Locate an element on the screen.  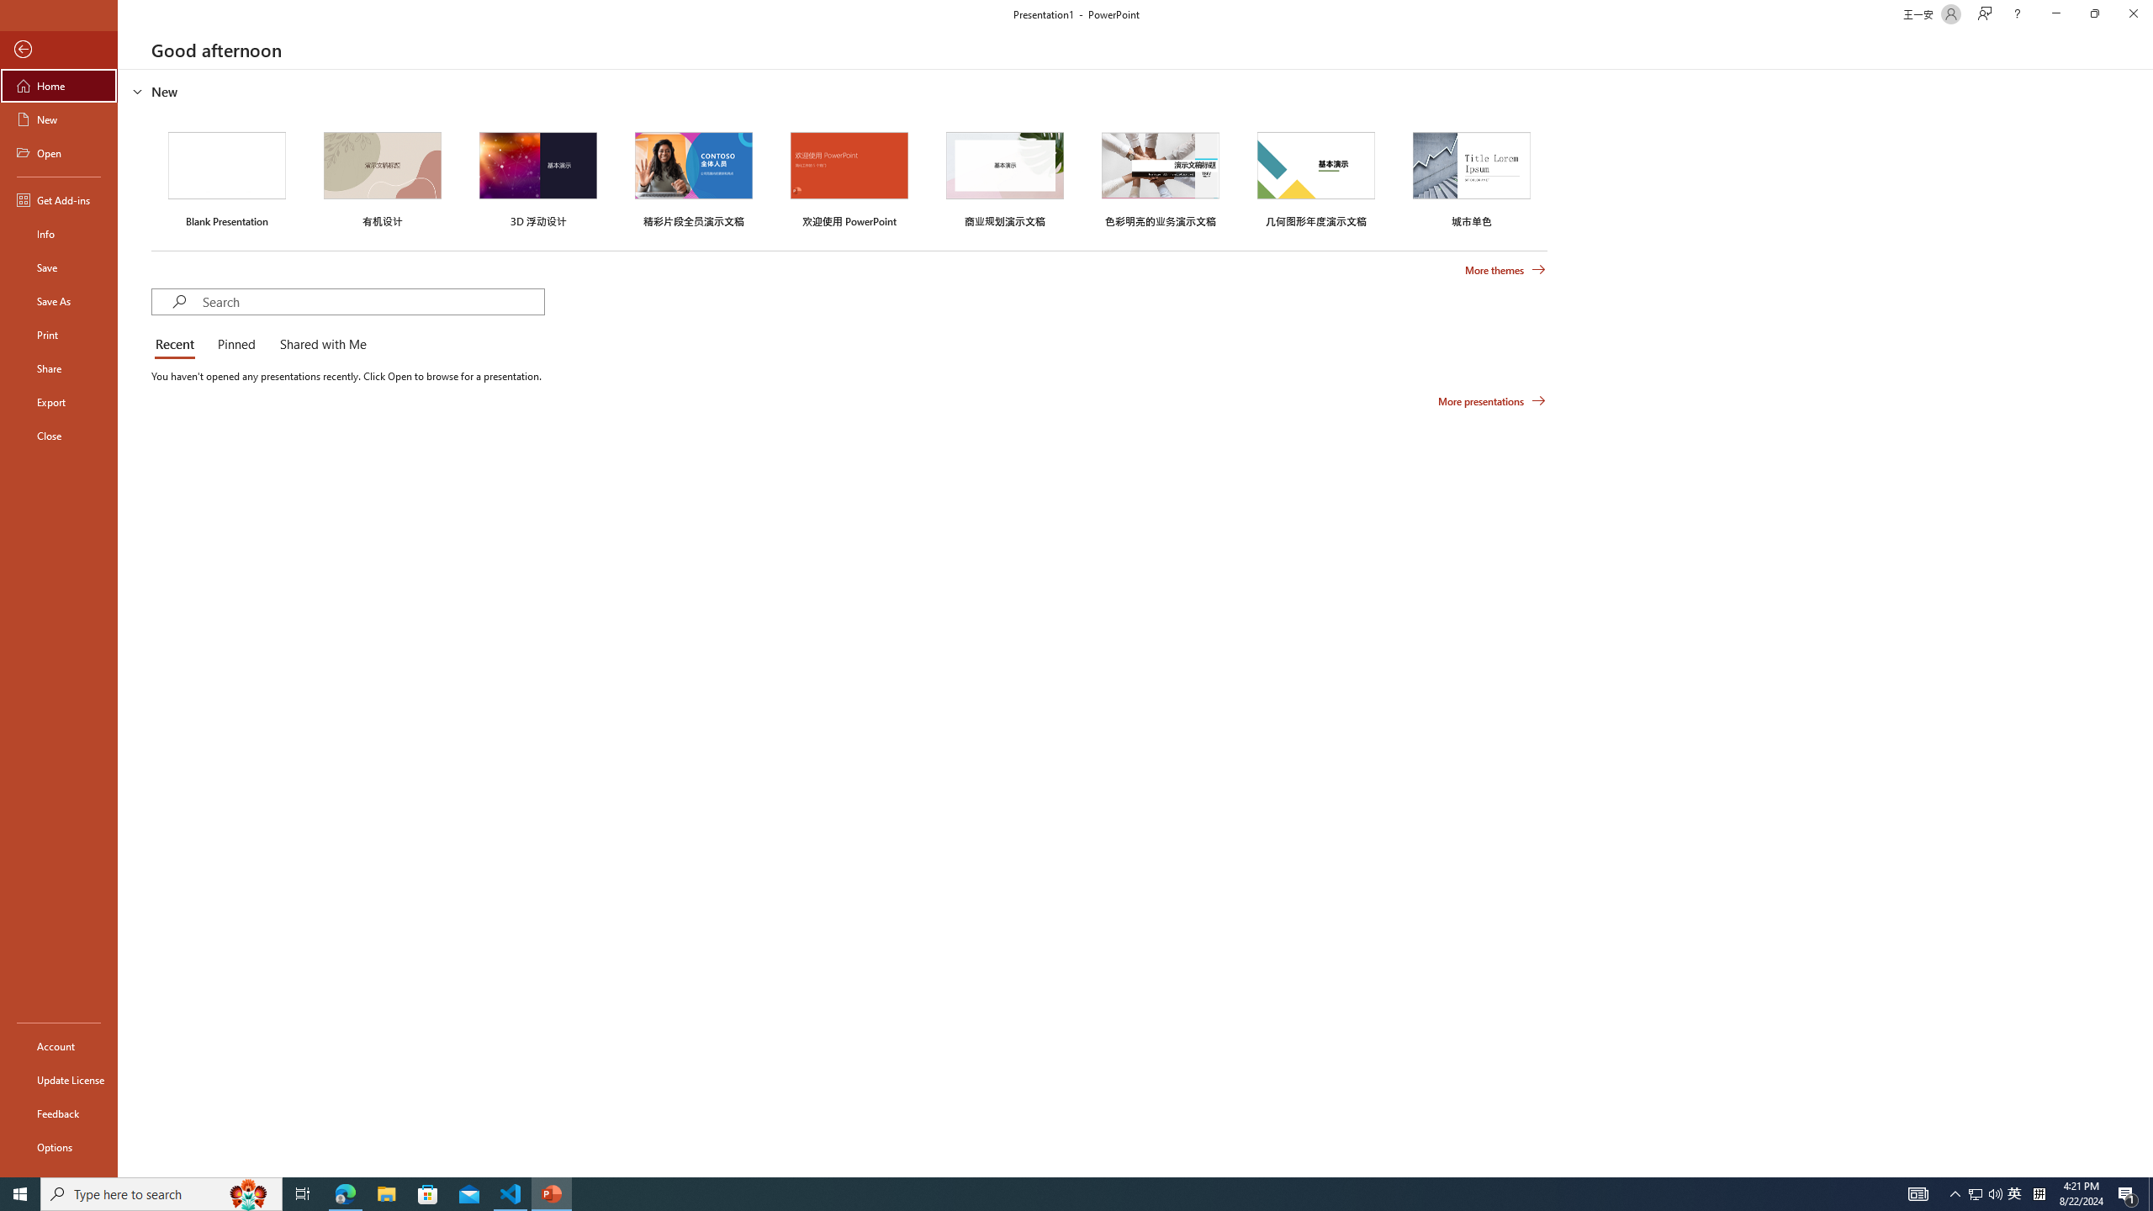
'Class: NetUIScrollBar' is located at coordinates (2145, 622).